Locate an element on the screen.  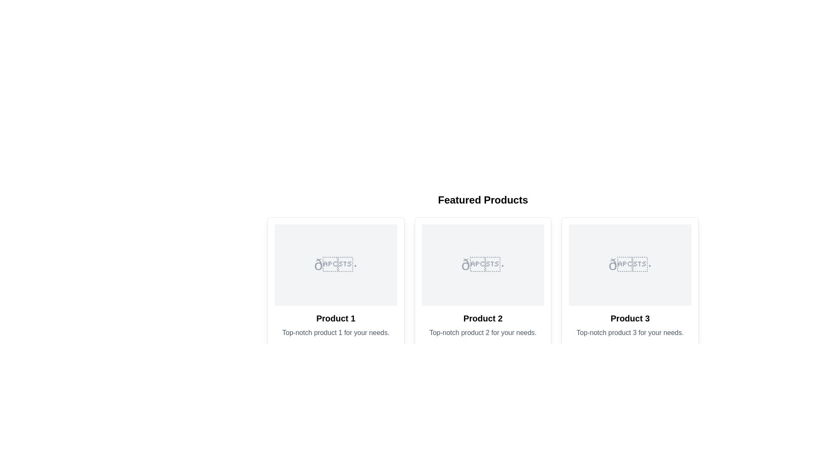
the text description element located under the 'Product 2' heading in the second column of the three-column layout is located at coordinates (483, 332).